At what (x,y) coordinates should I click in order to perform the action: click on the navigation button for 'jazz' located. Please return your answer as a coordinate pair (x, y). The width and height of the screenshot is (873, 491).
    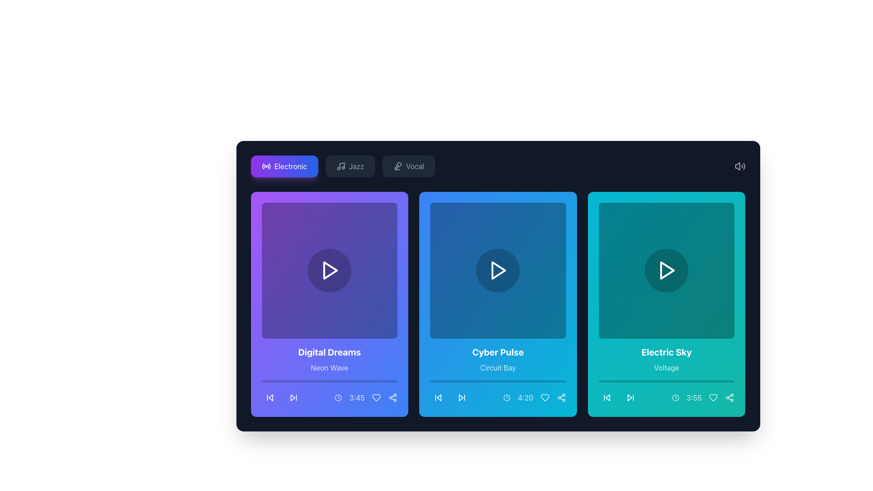
    Looking at the image, I should click on (350, 166).